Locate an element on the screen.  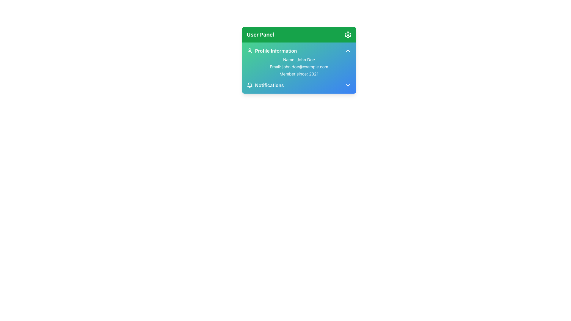
the Text Label that indicates the year the user joined the platform, which is the third line of the Profile Information section after 'Name: John Doe' and 'Email: john.doe@example.com' is located at coordinates (299, 74).